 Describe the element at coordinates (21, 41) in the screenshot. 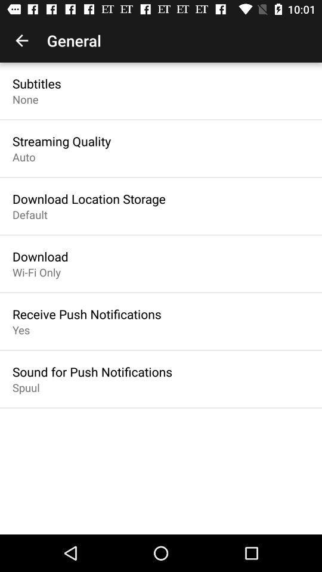

I see `item above subtitles icon` at that location.